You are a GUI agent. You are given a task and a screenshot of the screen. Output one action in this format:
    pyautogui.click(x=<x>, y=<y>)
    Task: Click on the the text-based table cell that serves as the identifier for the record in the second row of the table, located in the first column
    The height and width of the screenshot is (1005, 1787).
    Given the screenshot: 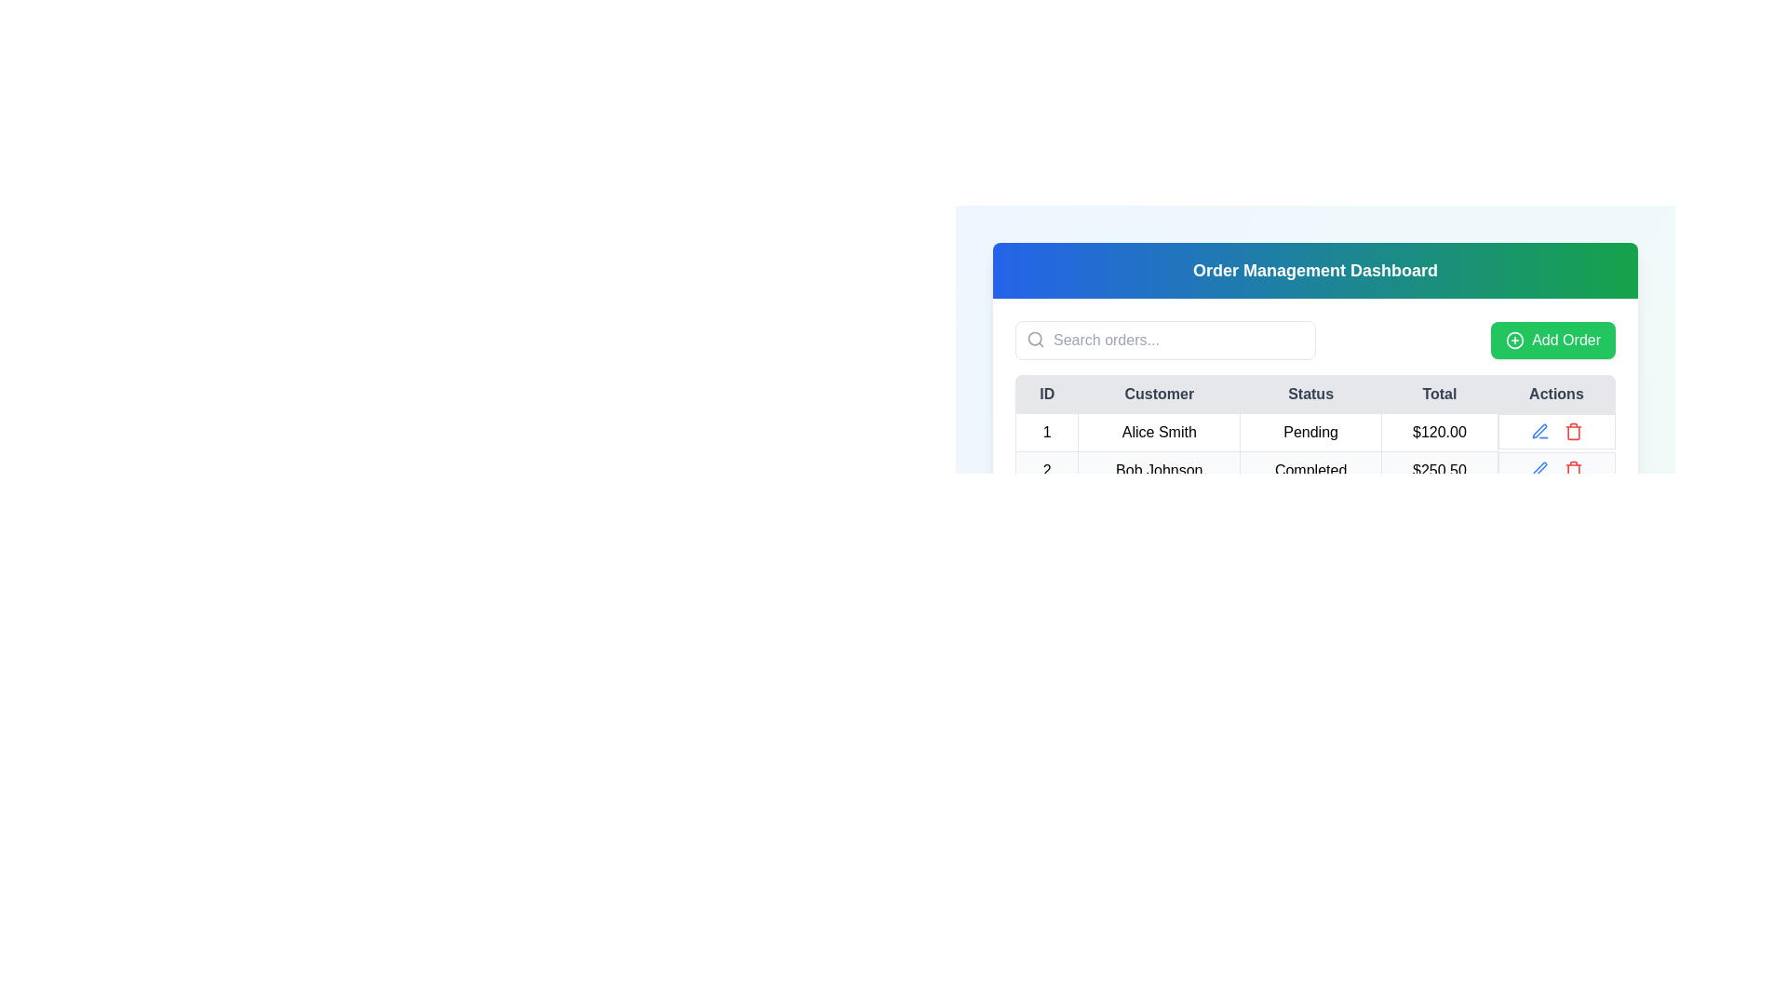 What is the action you would take?
    pyautogui.click(x=1047, y=469)
    